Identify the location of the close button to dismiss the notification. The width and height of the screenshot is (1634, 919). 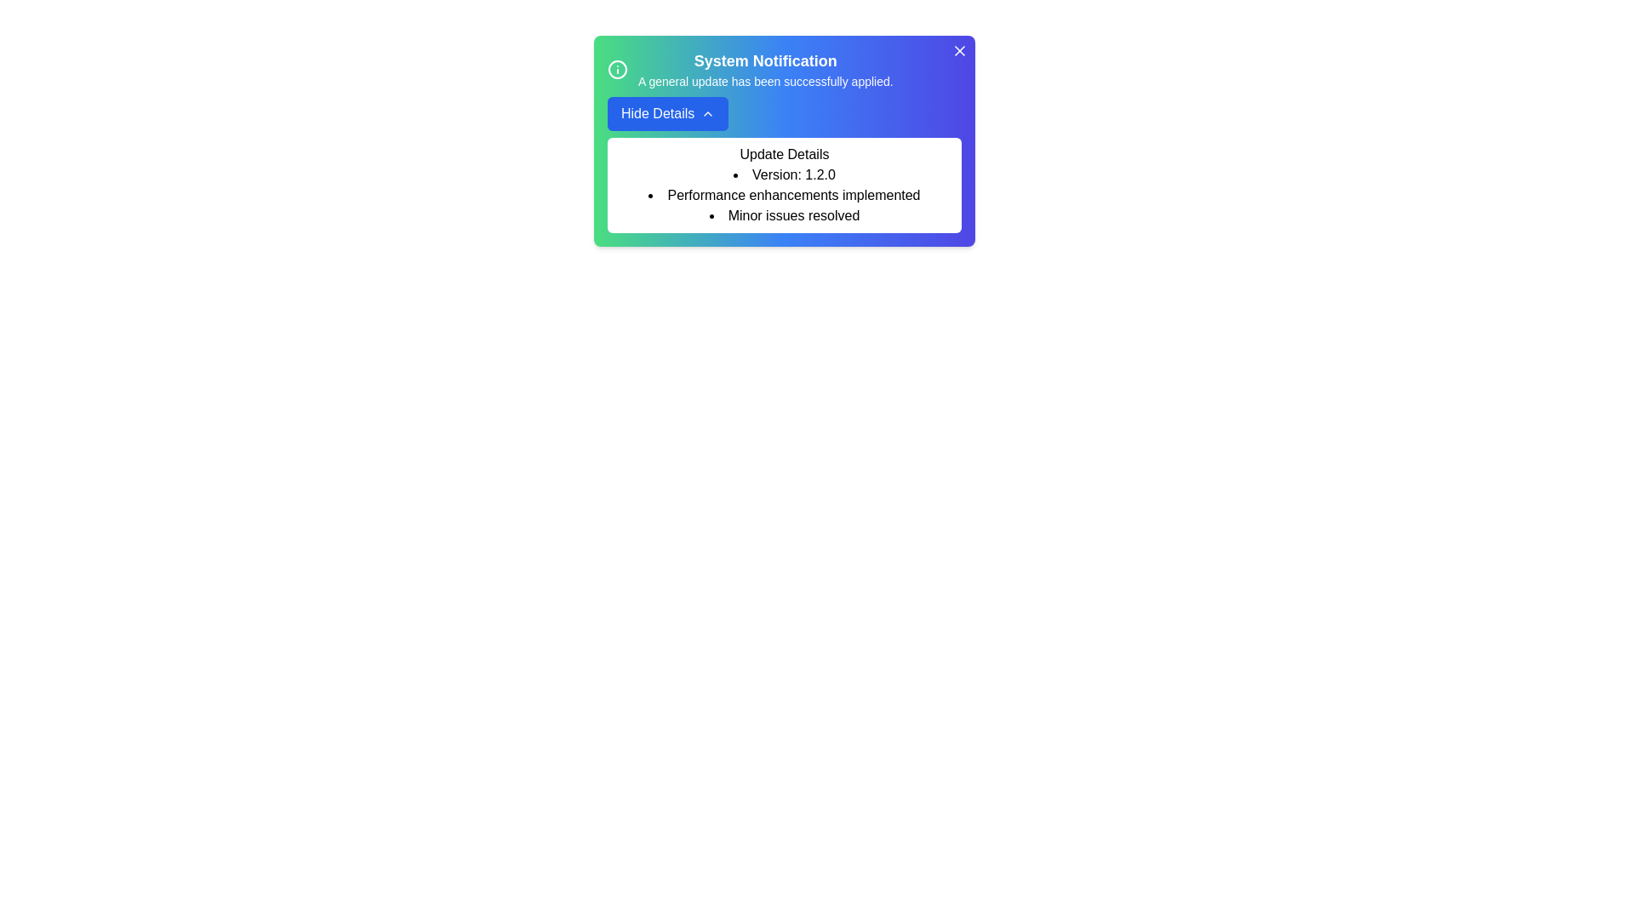
(960, 50).